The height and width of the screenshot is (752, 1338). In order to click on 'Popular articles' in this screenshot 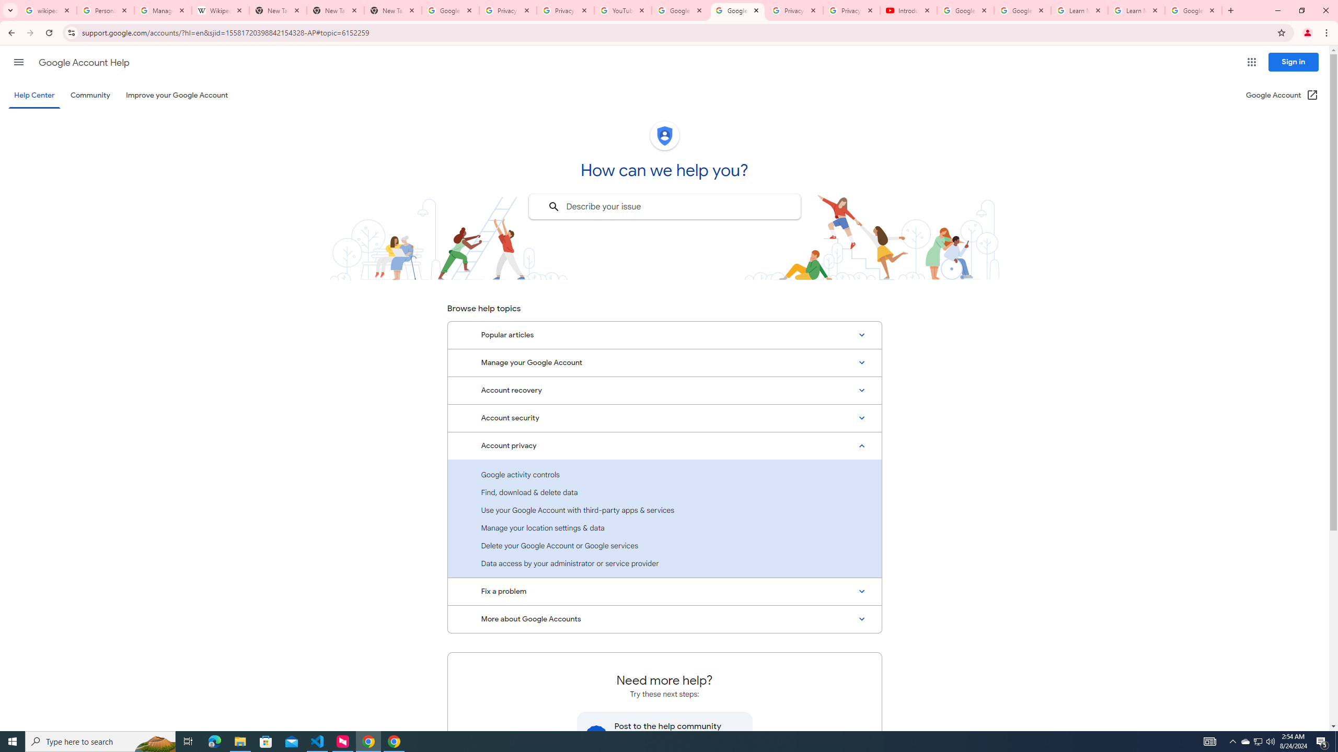, I will do `click(664, 335)`.